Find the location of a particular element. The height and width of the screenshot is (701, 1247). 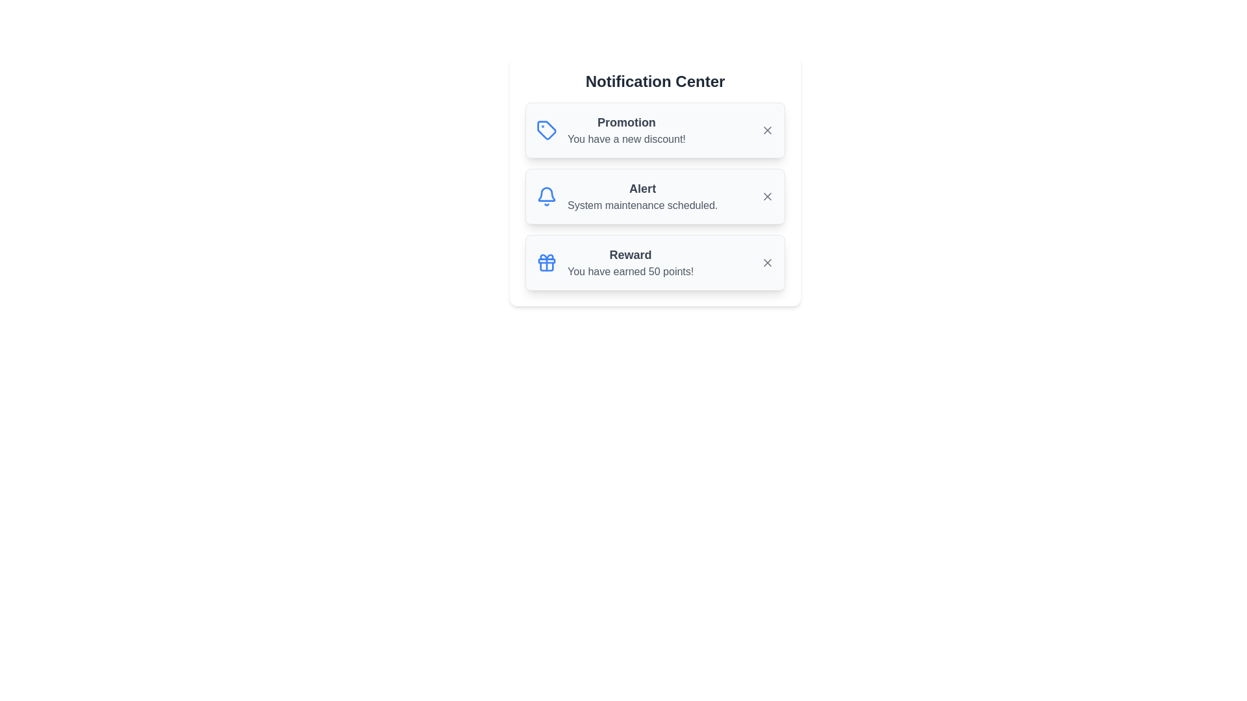

the Text component displaying 'Alert' and 'System maintenance scheduled.' in the middle notification card of the Notification Center is located at coordinates (642, 197).